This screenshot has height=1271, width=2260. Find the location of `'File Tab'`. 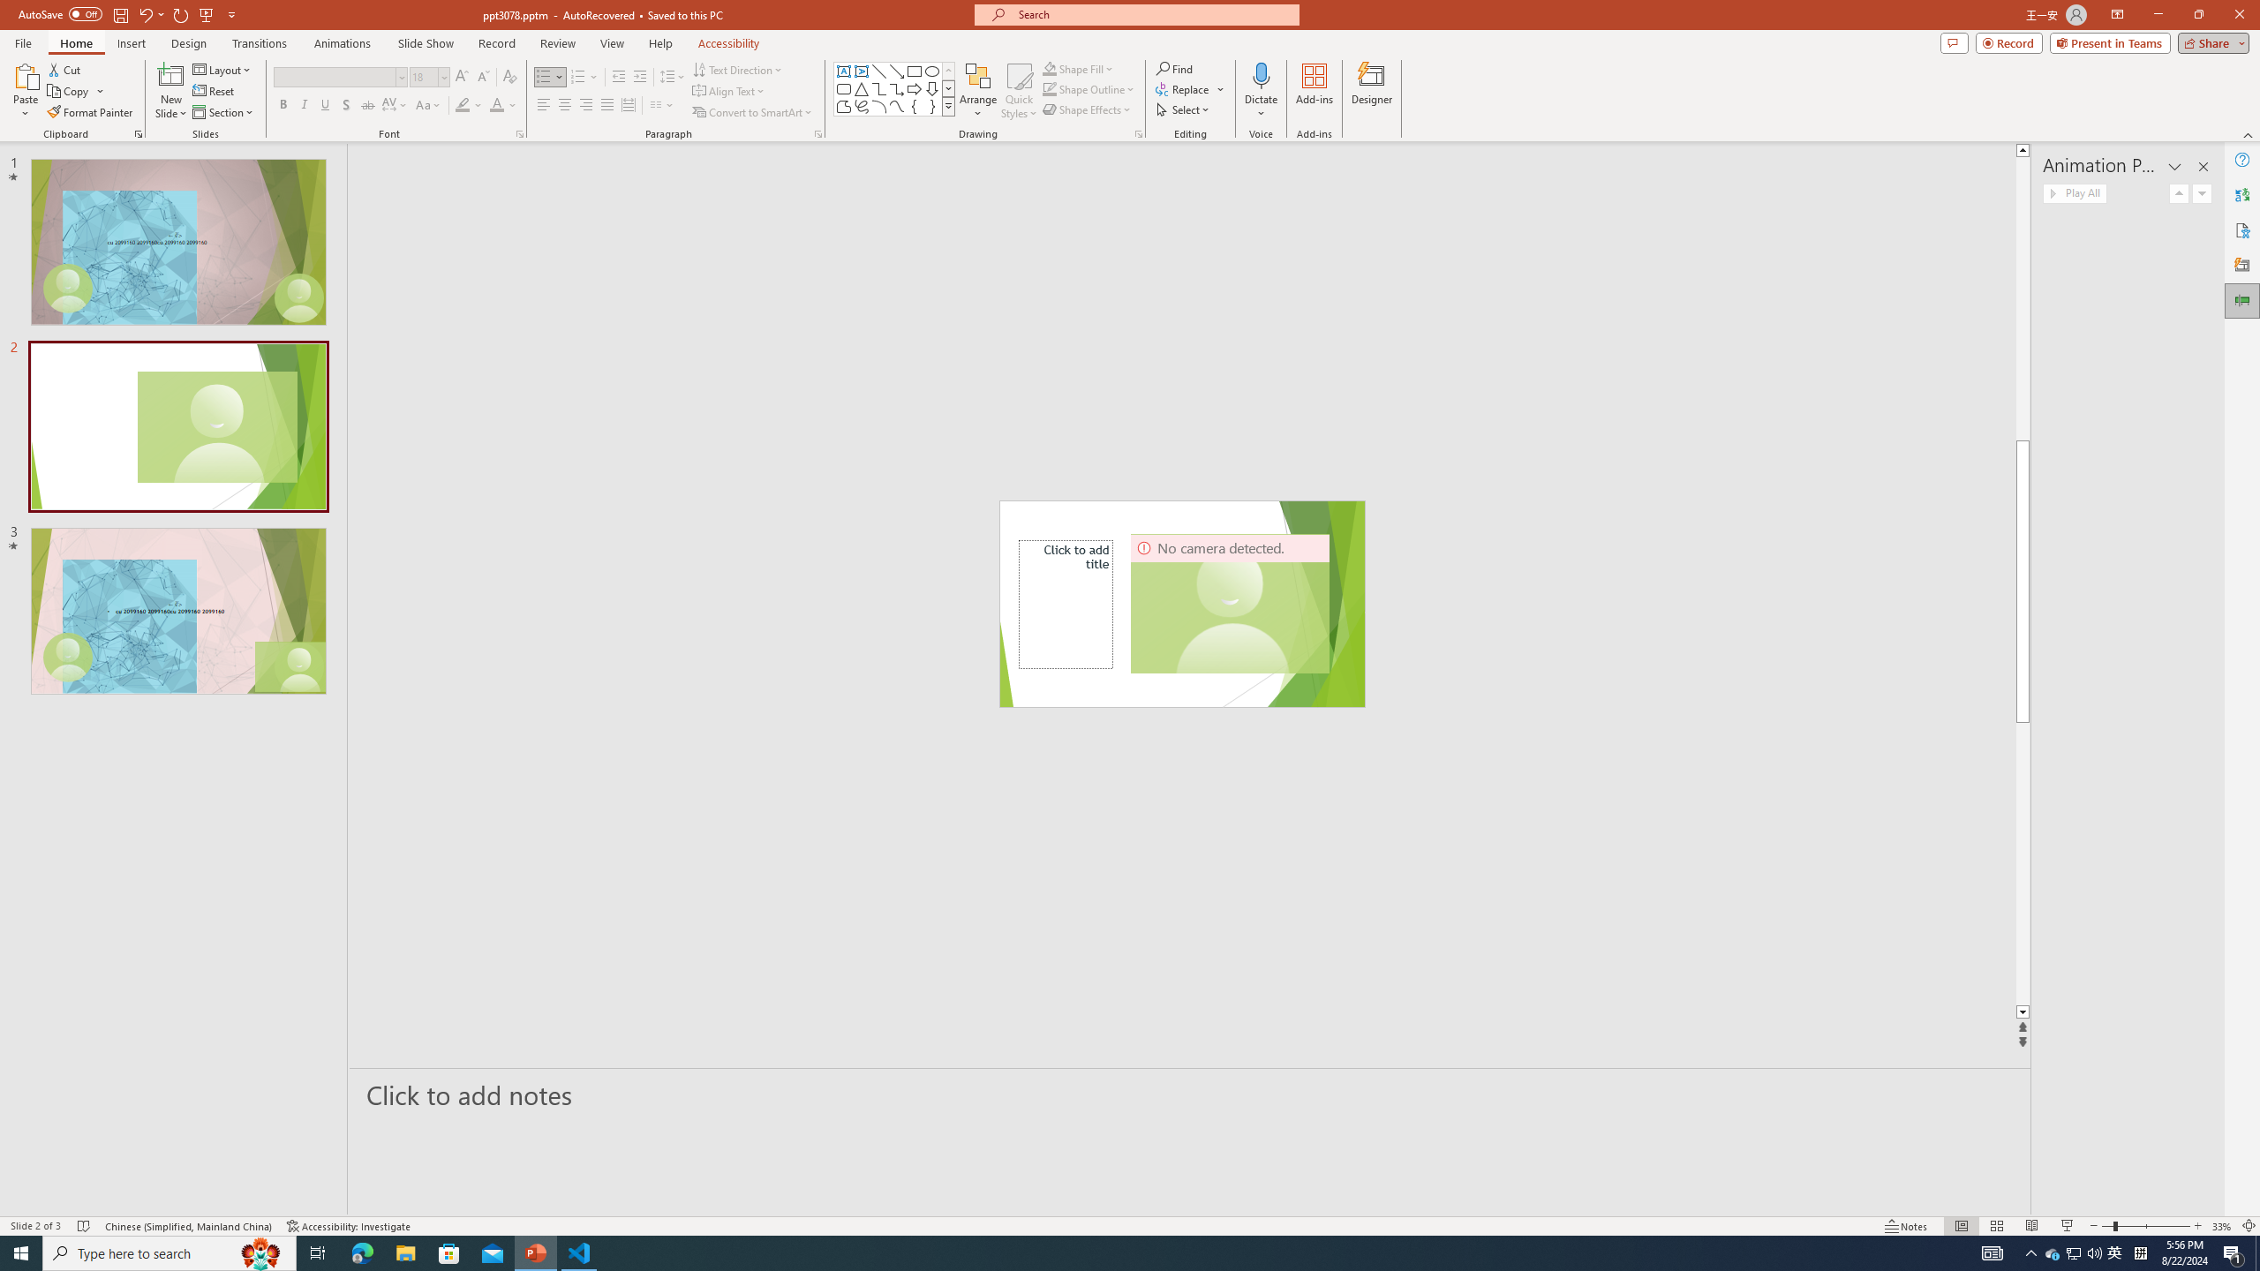

'File Tab' is located at coordinates (22, 41).